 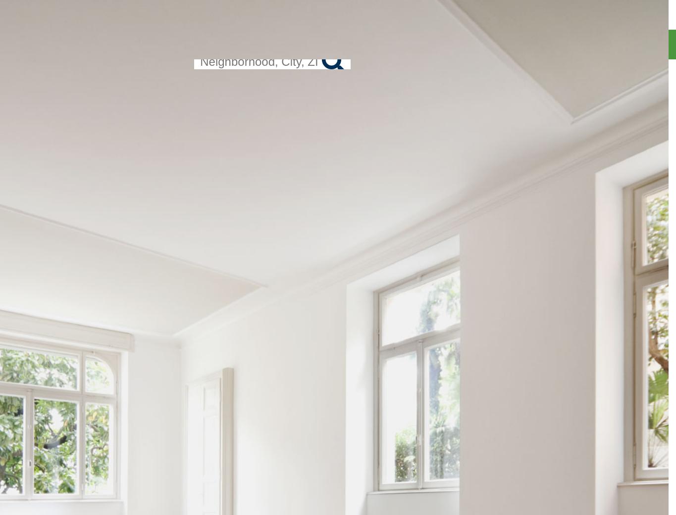 What do you see at coordinates (643, 81) in the screenshot?
I see `'Relocation'` at bounding box center [643, 81].